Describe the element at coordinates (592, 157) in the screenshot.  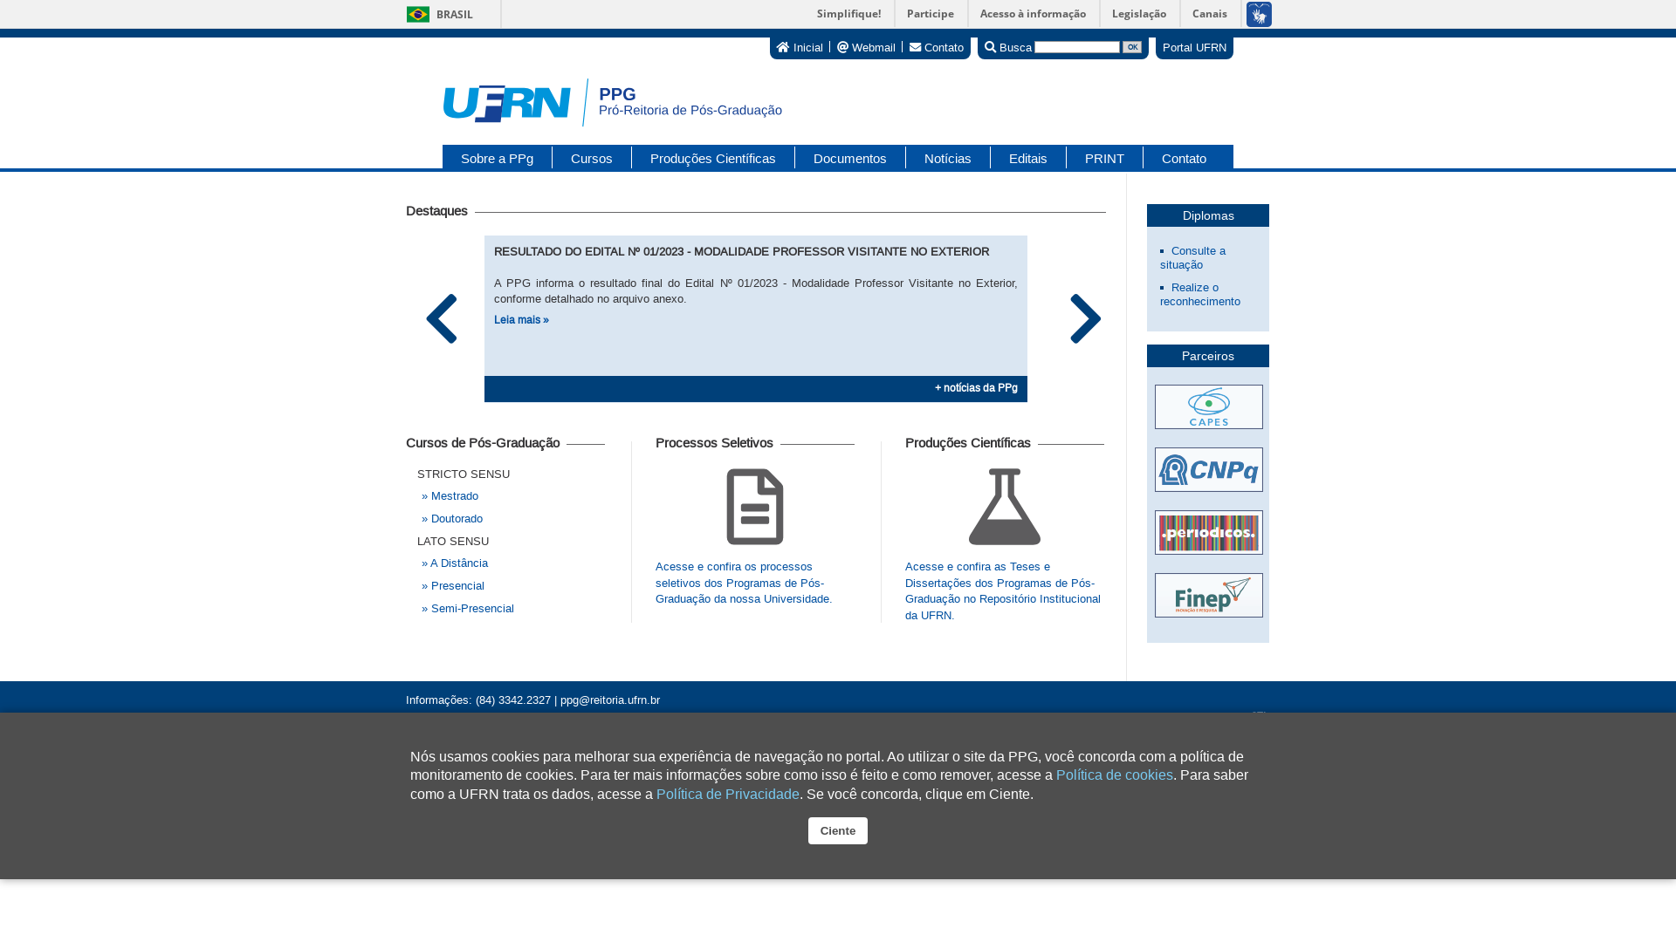
I see `'Cursos'` at that location.